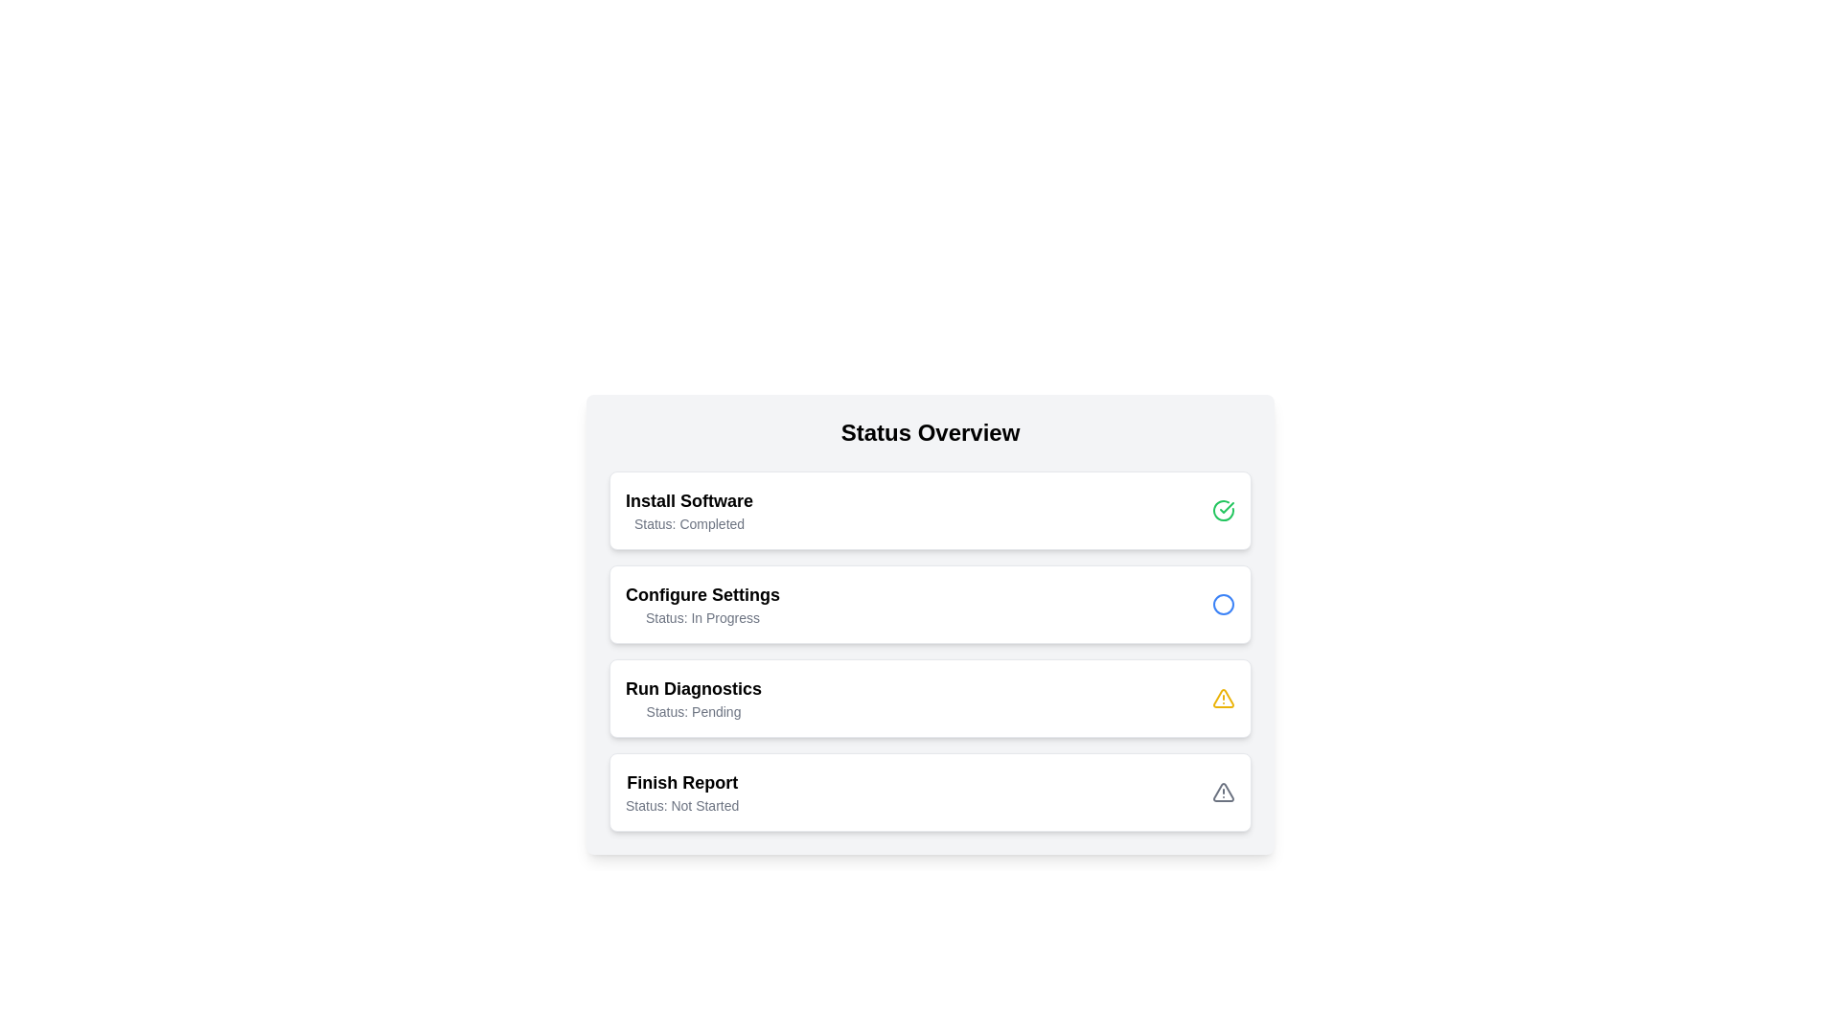 Image resolution: width=1840 pixels, height=1035 pixels. I want to click on on the 'Finish Report' text display element, which is the last item in the status list, indicating its status as 'Not Started', so click(682, 792).